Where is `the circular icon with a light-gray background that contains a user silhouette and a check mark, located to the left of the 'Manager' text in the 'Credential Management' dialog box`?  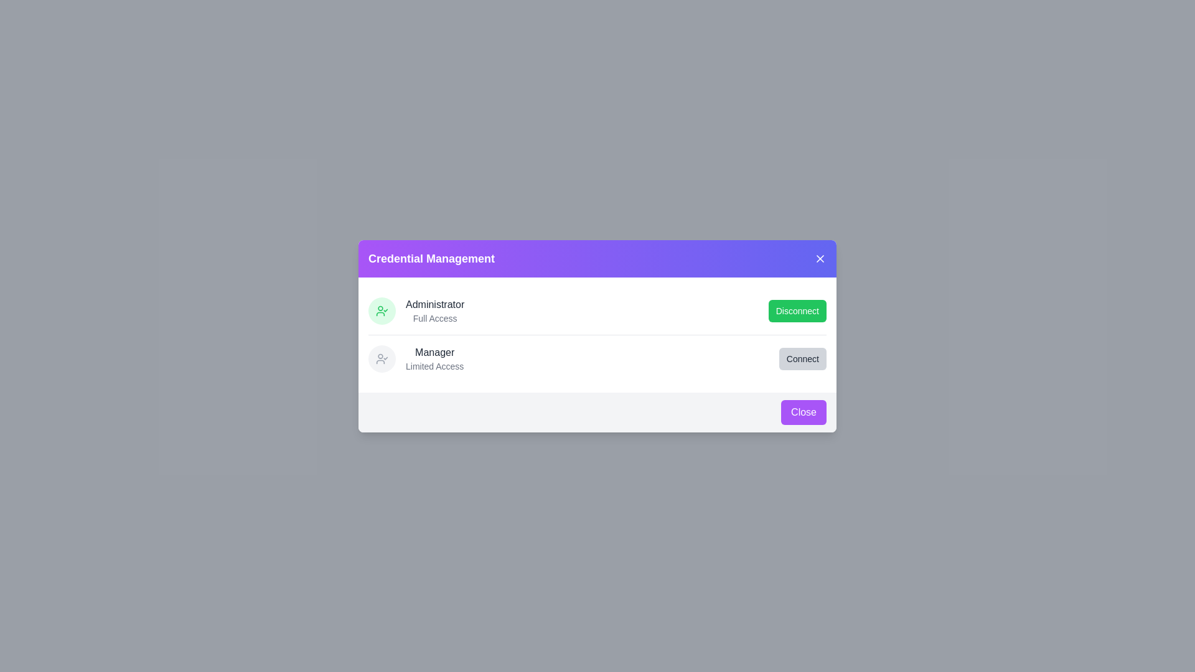 the circular icon with a light-gray background that contains a user silhouette and a check mark, located to the left of the 'Manager' text in the 'Credential Management' dialog box is located at coordinates (382, 358).